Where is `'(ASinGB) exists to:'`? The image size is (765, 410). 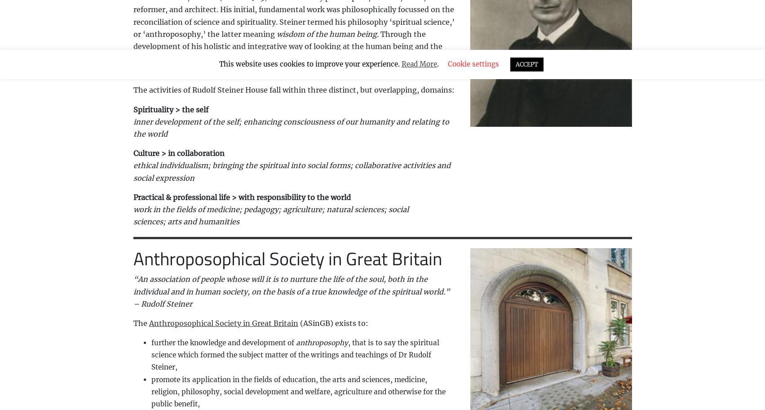
'(ASinGB) exists to:' is located at coordinates (332, 323).